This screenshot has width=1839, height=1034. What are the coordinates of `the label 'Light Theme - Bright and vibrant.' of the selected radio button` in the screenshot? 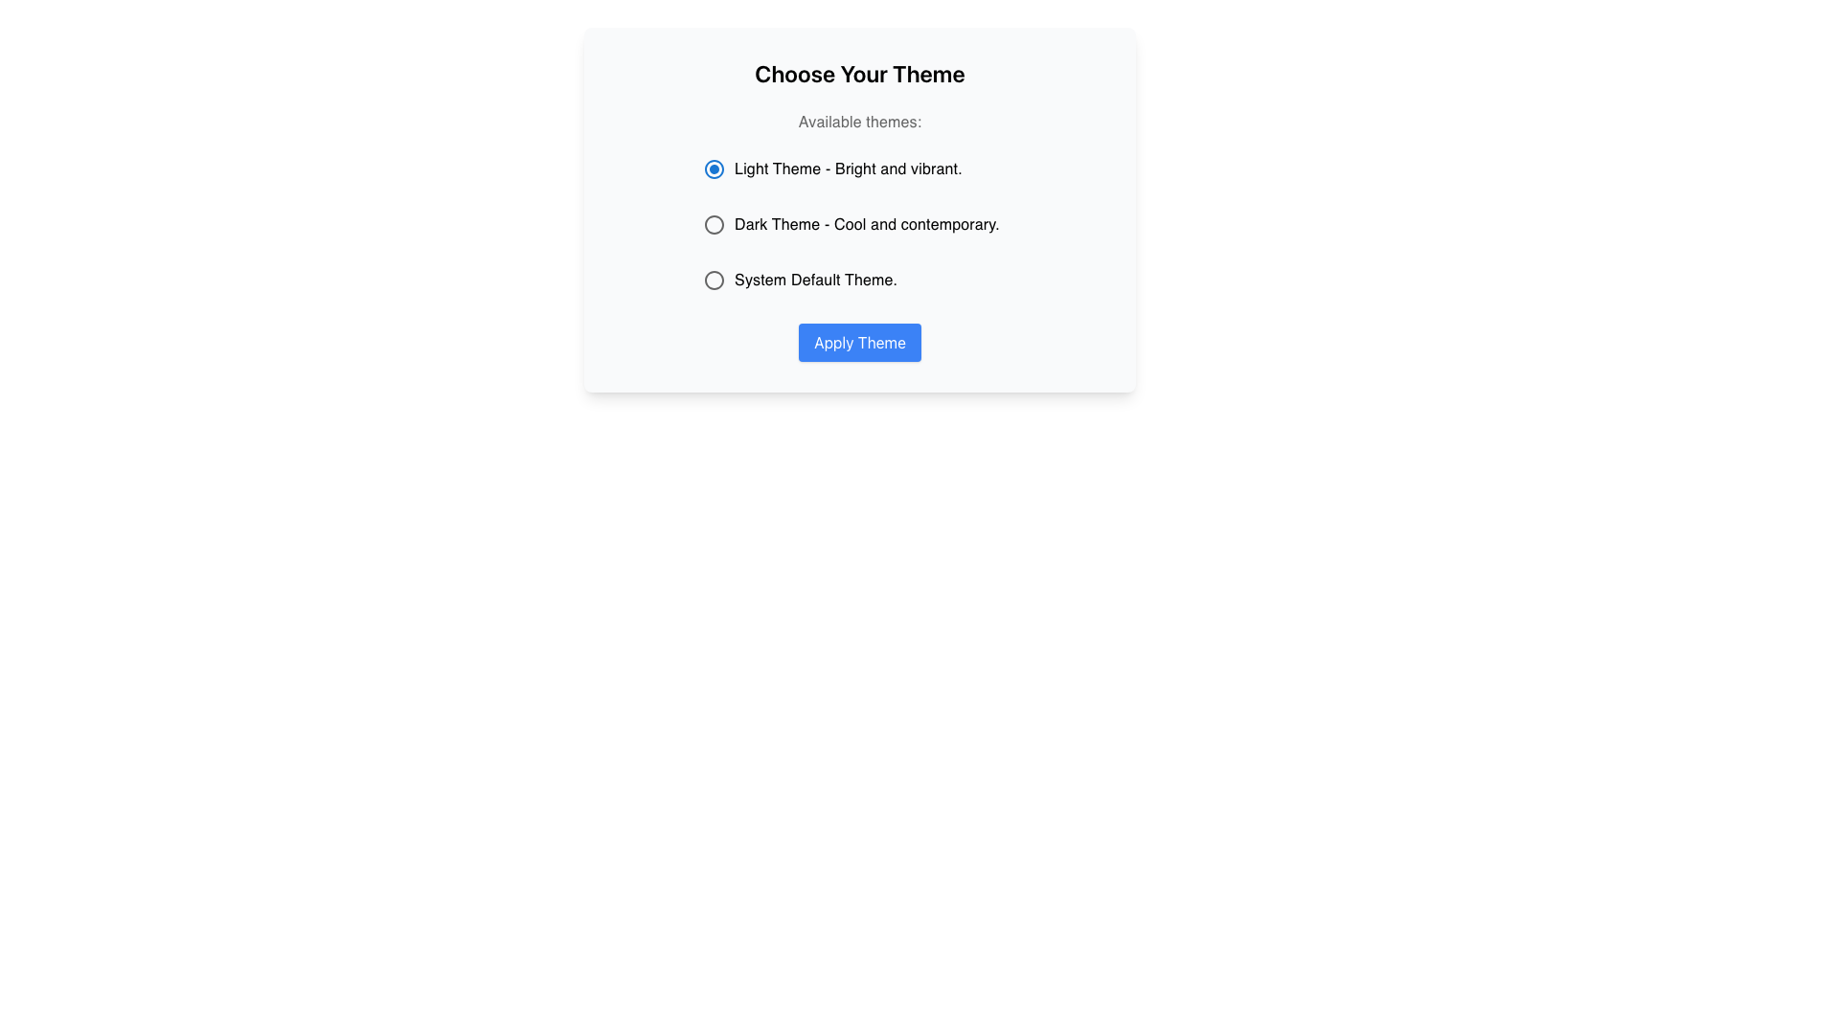 It's located at (846, 169).